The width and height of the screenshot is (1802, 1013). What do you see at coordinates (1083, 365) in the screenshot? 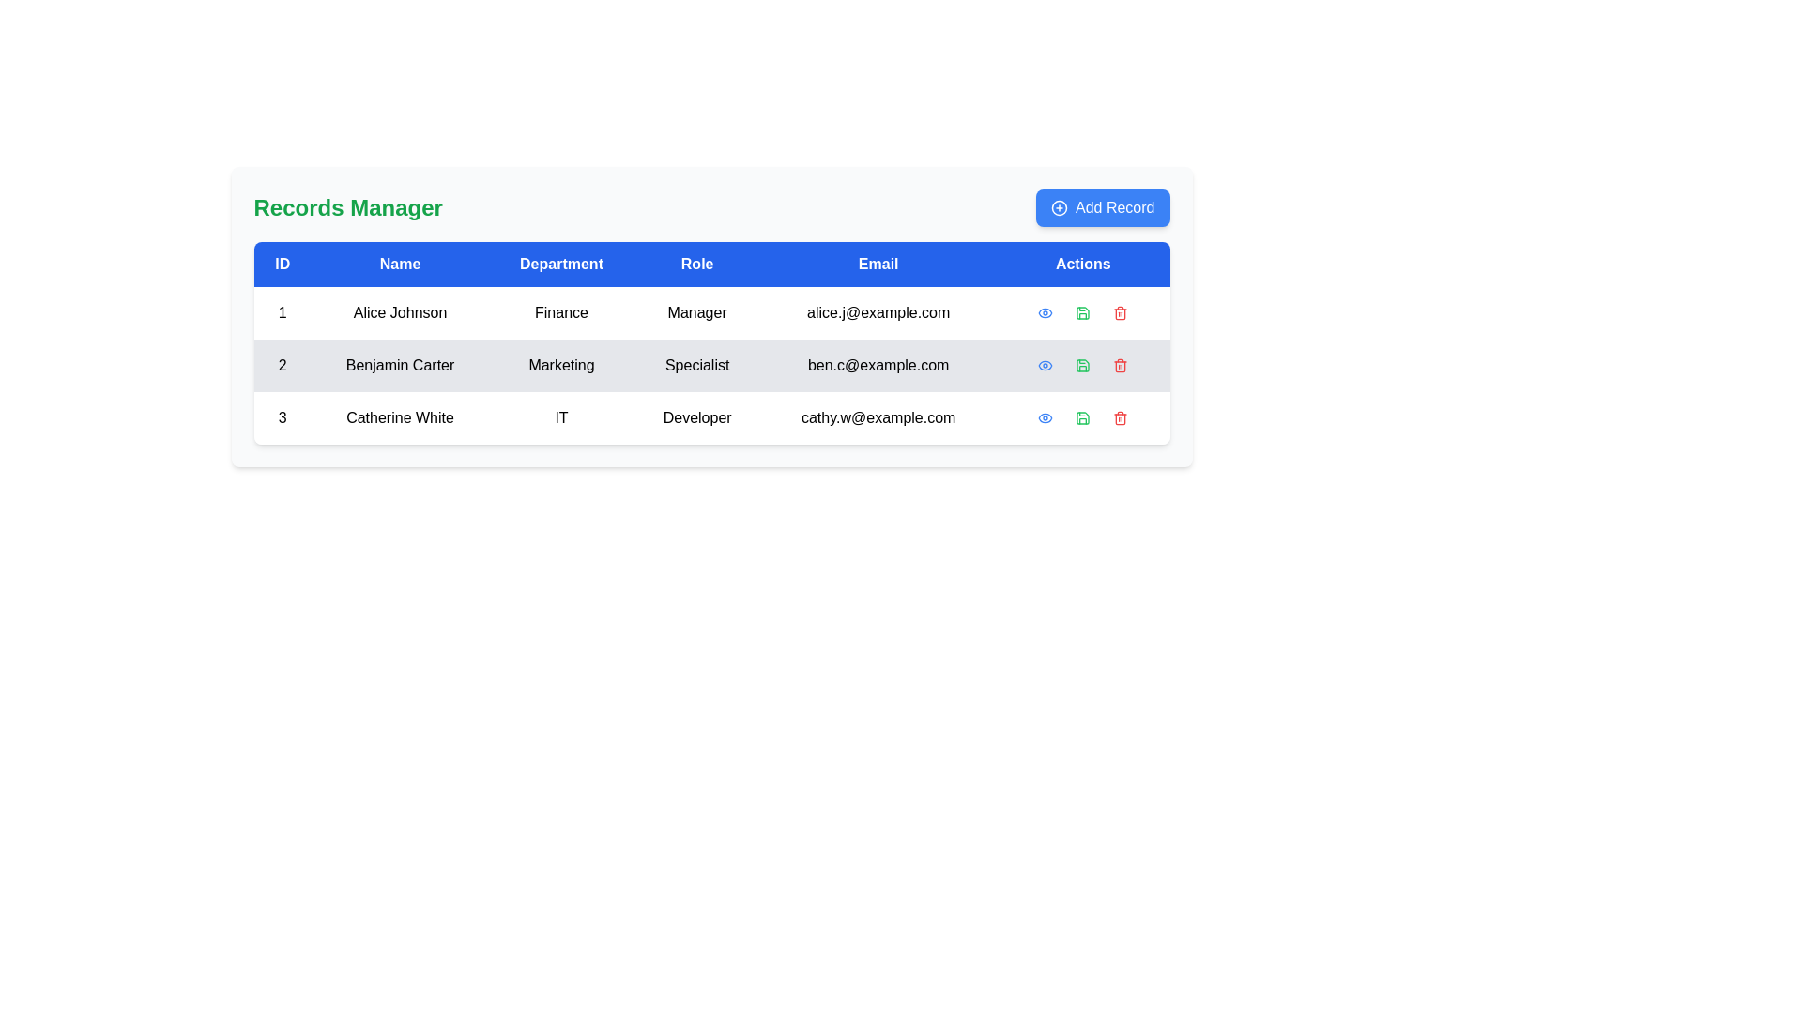
I see `the save action icon located in the 'Actions' column of the second row of the data table, next to the 'Eye' and 'Trash' icons for visual feedback` at bounding box center [1083, 365].